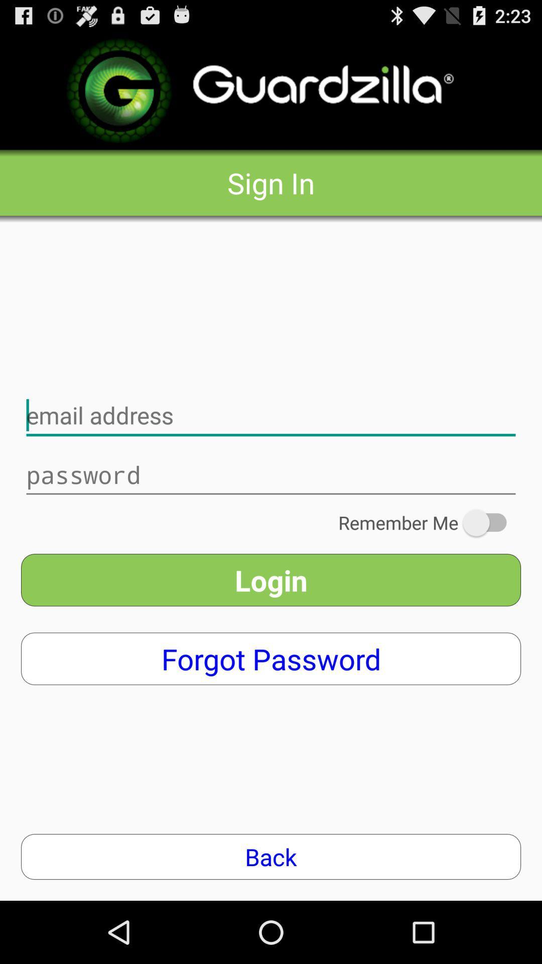  Describe the element at coordinates (429, 522) in the screenshot. I see `item above login app` at that location.